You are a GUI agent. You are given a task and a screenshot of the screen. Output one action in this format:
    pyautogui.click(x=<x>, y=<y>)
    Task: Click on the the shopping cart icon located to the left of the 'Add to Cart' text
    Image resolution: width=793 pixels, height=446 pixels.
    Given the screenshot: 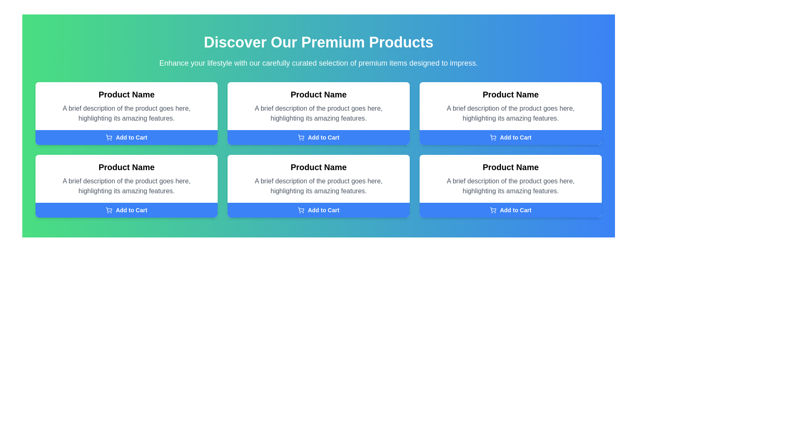 What is the action you would take?
    pyautogui.click(x=301, y=210)
    